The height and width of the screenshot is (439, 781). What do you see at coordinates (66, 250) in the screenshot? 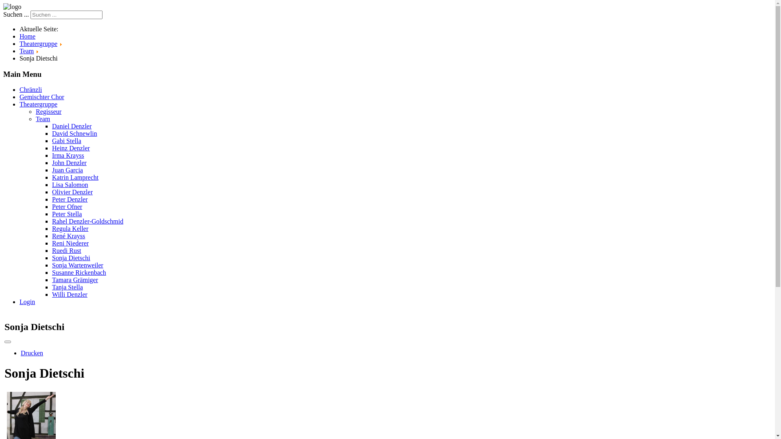
I see `'Ruedi Rust'` at bounding box center [66, 250].